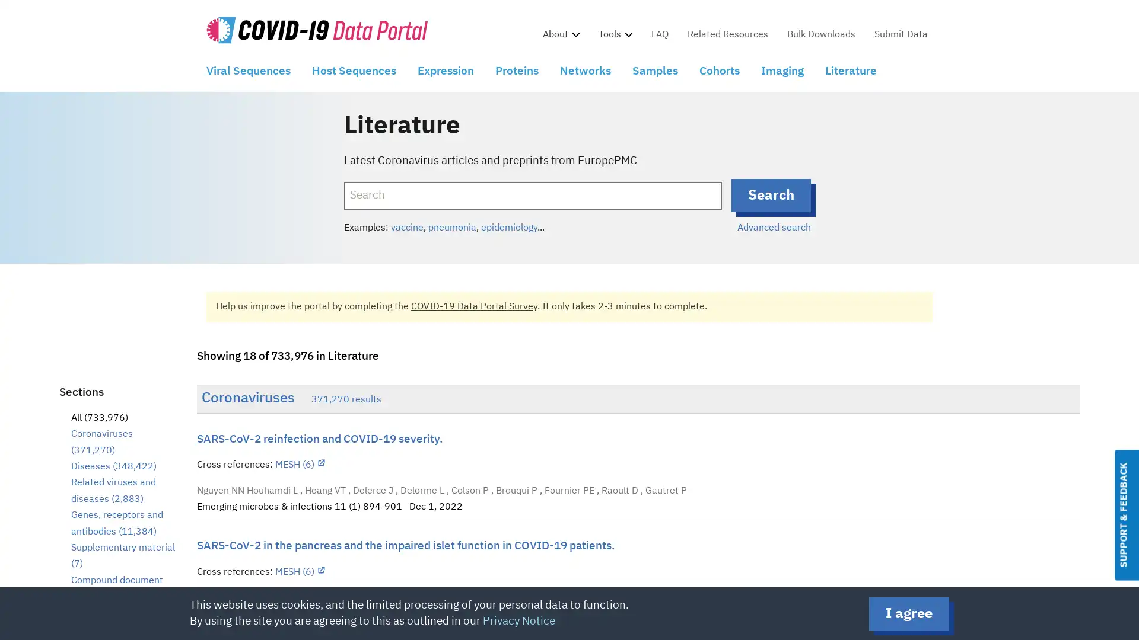 This screenshot has height=640, width=1139. Describe the element at coordinates (908, 613) in the screenshot. I see `I agree` at that location.